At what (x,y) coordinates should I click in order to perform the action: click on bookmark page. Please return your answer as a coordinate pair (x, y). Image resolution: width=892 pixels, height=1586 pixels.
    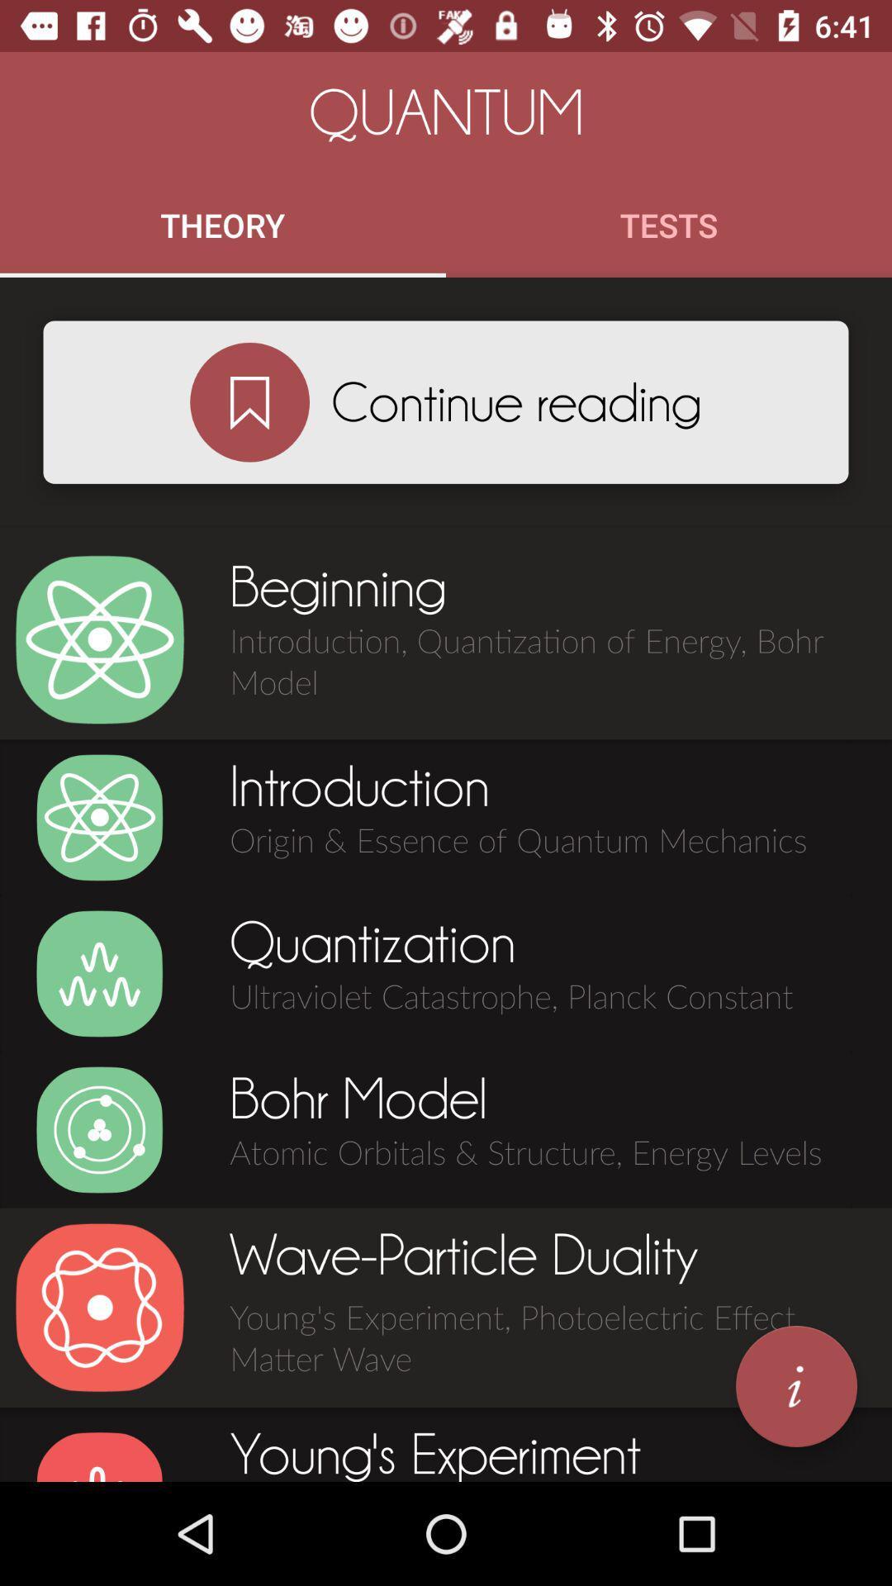
    Looking at the image, I should click on (249, 402).